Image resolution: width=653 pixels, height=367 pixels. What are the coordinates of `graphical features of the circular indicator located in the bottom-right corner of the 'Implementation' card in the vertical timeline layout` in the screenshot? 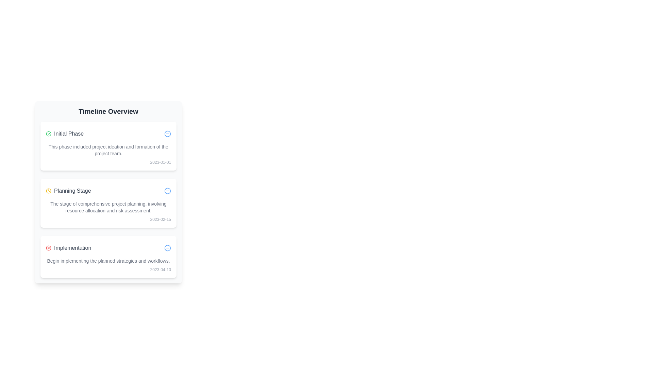 It's located at (168, 248).